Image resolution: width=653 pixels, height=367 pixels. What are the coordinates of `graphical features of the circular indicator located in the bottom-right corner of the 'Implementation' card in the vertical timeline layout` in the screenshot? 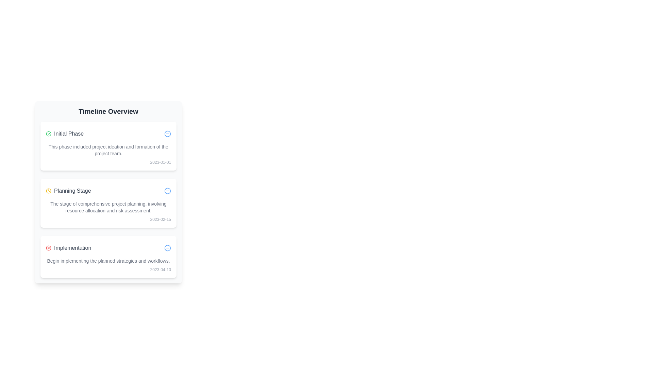 It's located at (168, 248).